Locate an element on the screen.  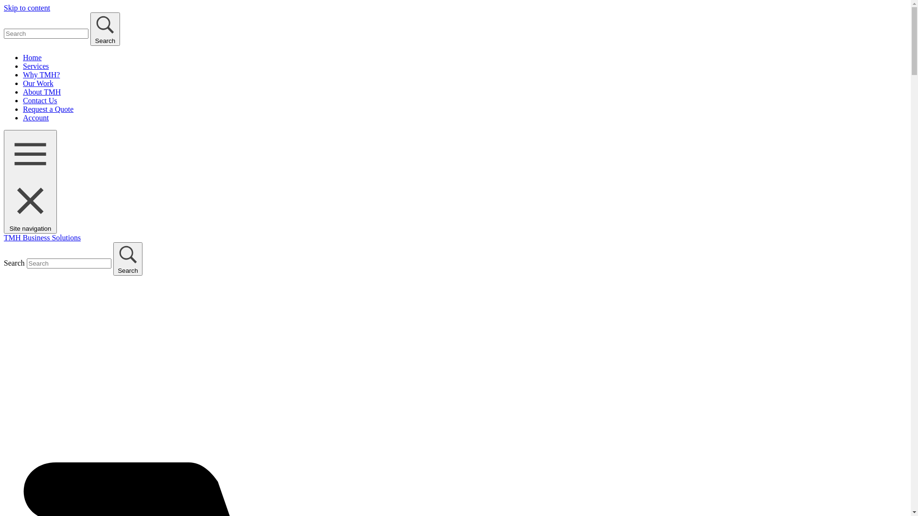
'Account' is located at coordinates (36, 117).